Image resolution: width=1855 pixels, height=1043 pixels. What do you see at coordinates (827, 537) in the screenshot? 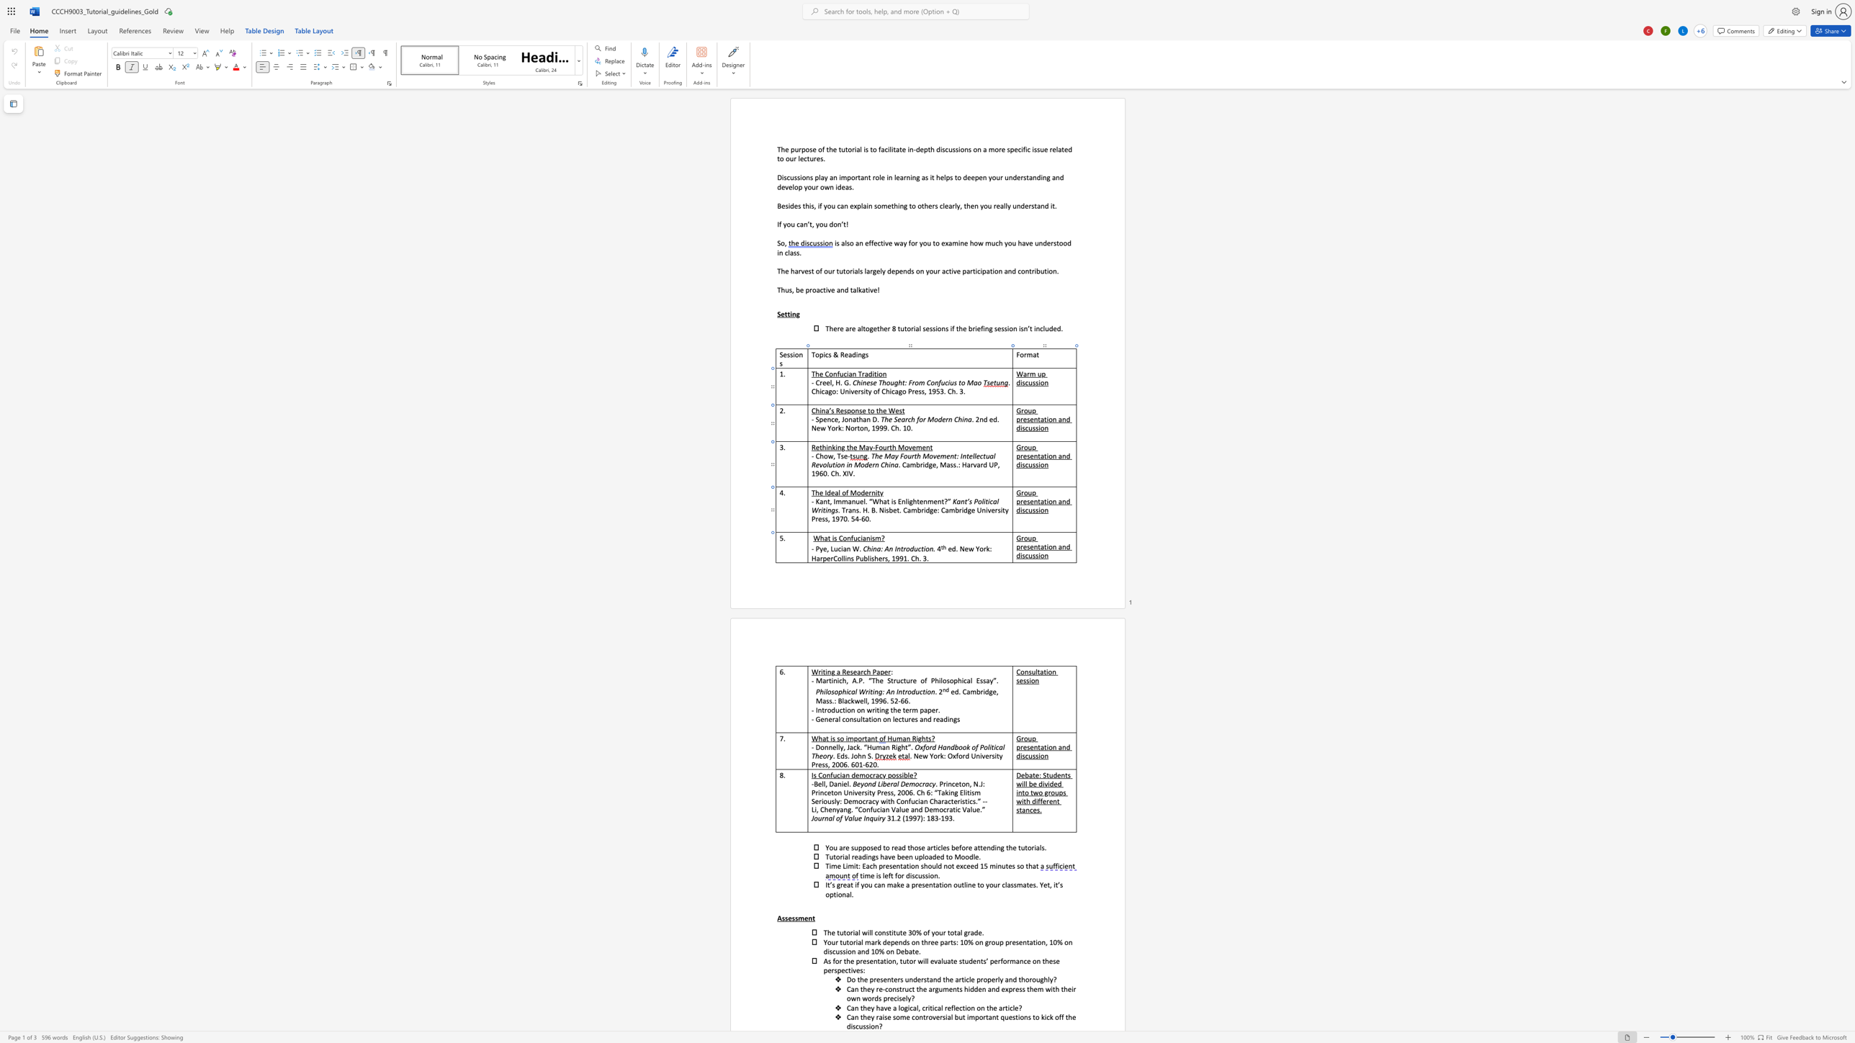
I see `the space between the continuous character "a" and "t" in the text` at bounding box center [827, 537].